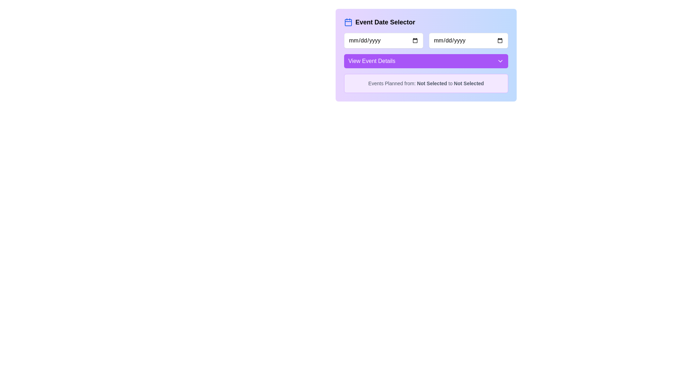  What do you see at coordinates (425, 83) in the screenshot?
I see `the text element displaying 'Events Planned from: Not Selected to Not Selected', which is styled in light gray and located within a rounded rectangle with a purple background` at bounding box center [425, 83].